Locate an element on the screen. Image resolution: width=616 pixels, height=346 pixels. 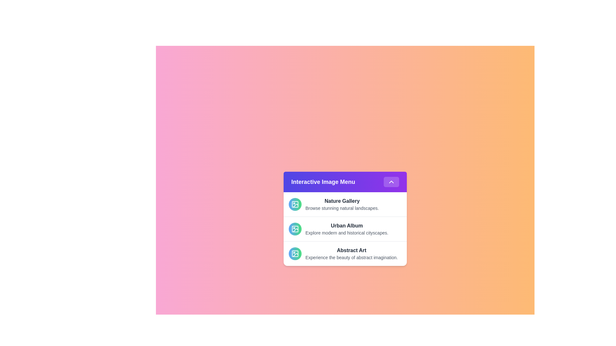
the menu item labeled Urban Album is located at coordinates (345, 228).